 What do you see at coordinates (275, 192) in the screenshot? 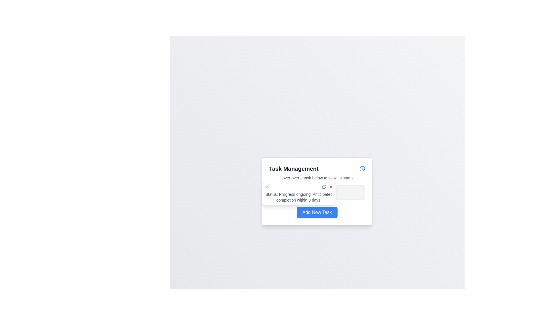
I see `the graphical icon representing a circle within the SVG component framework, which indicates a status such as 'in progress' or 'active', located in the lower-center part of the interface` at bounding box center [275, 192].